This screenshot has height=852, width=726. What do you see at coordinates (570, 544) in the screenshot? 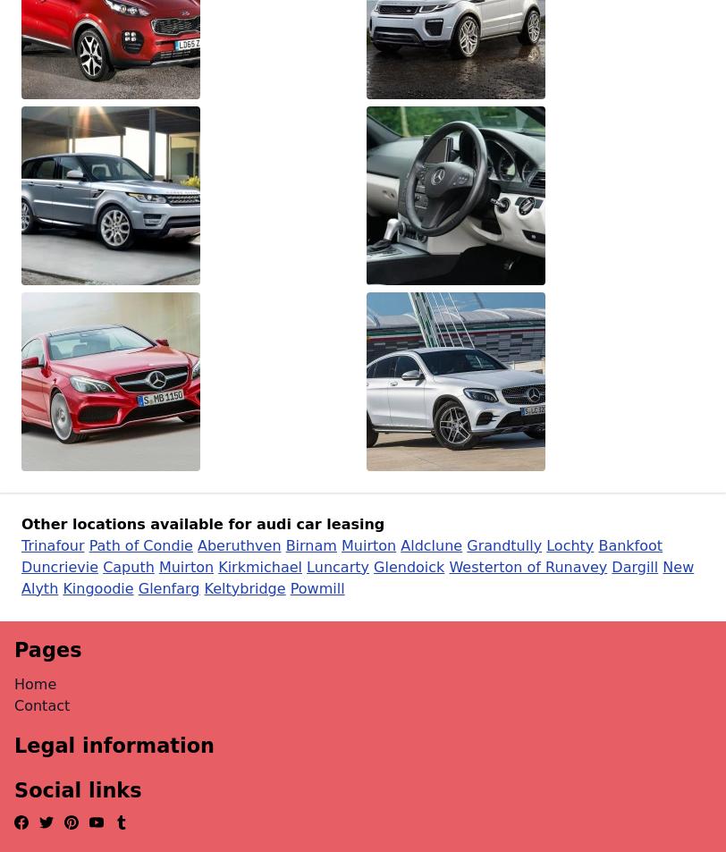
I see `'Lochty'` at bounding box center [570, 544].